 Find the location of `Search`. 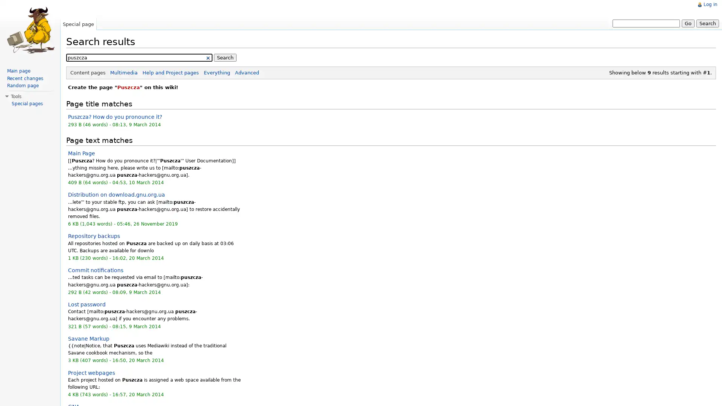

Search is located at coordinates (707, 23).